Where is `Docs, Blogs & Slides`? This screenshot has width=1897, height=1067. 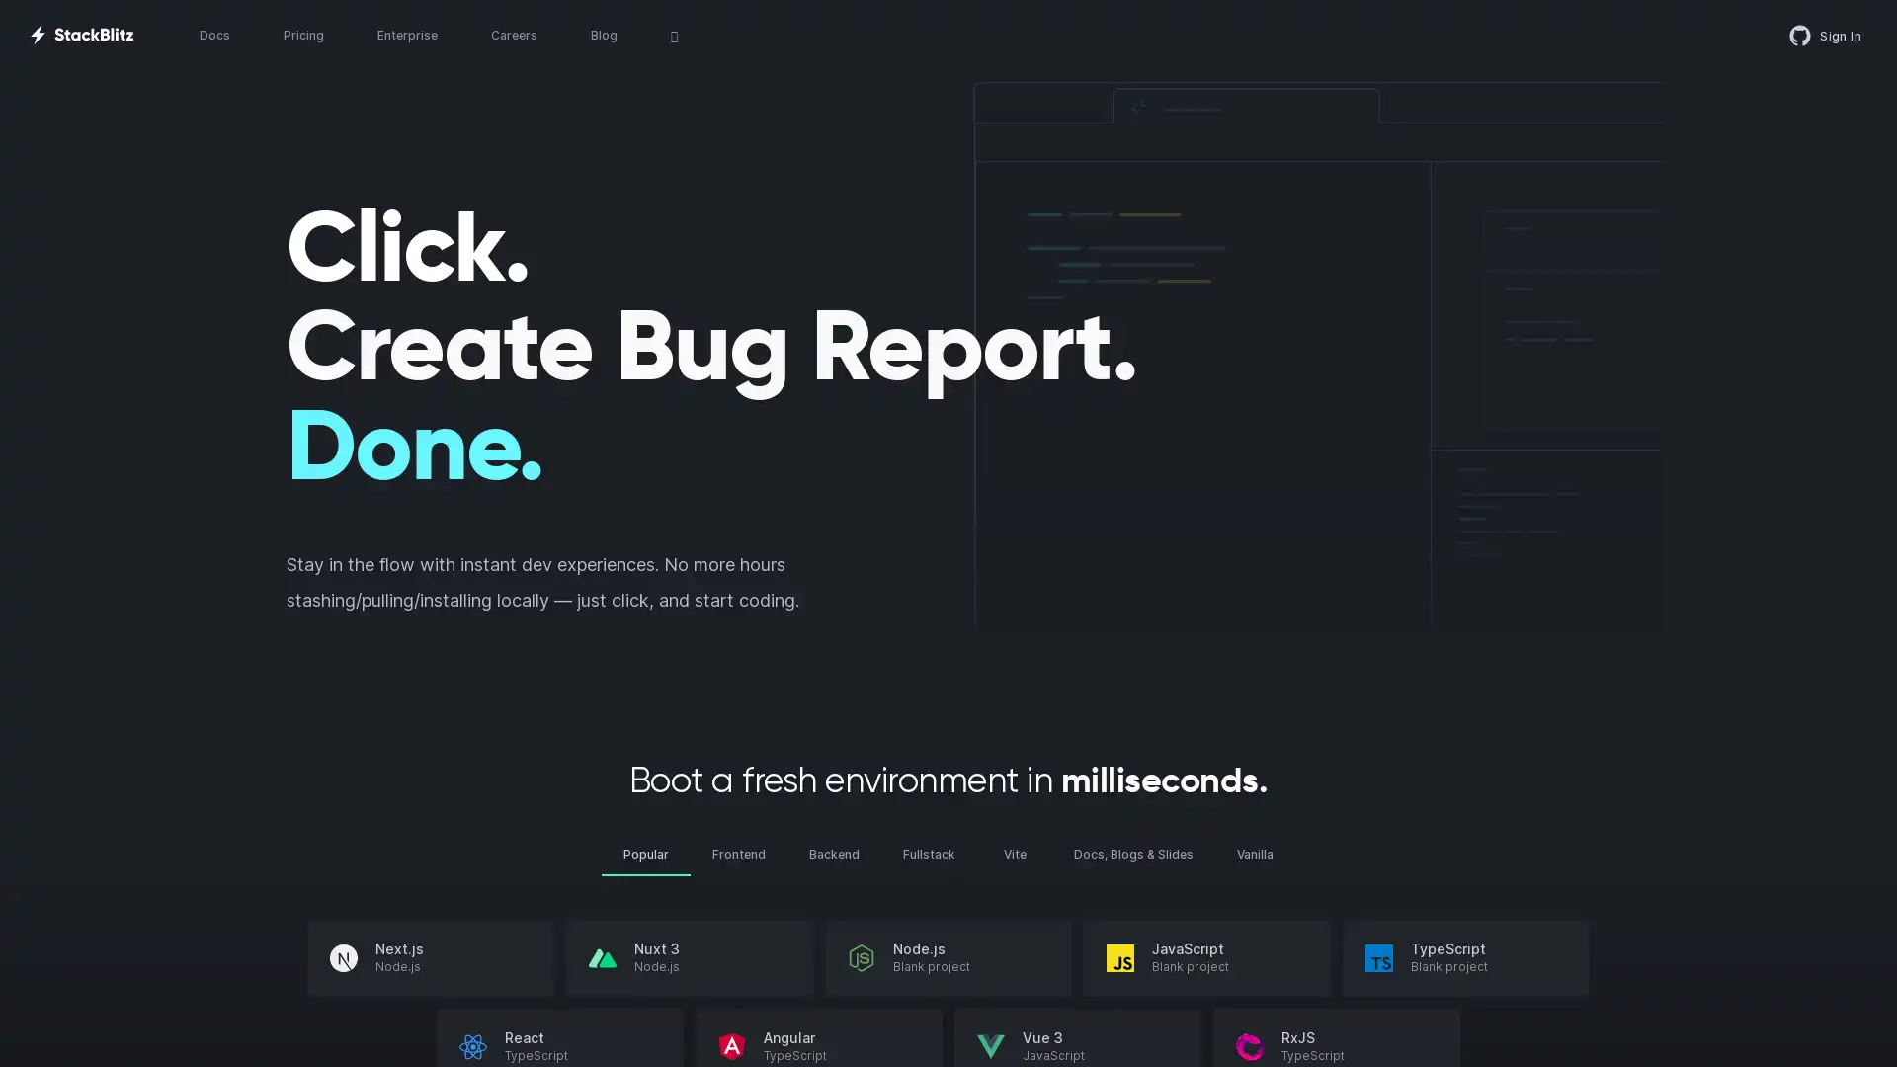 Docs, Blogs & Slides is located at coordinates (1133, 853).